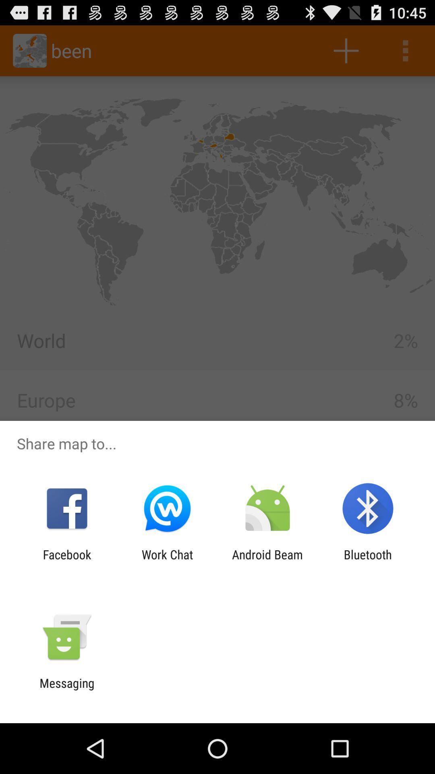 Image resolution: width=435 pixels, height=774 pixels. Describe the element at coordinates (368, 561) in the screenshot. I see `the icon next to android beam icon` at that location.